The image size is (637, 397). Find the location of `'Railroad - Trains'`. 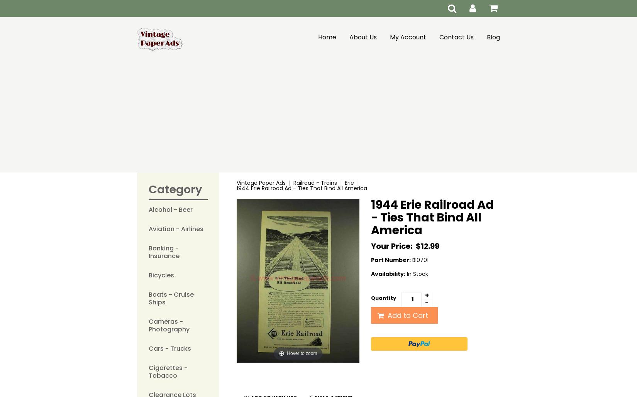

'Railroad - Trains' is located at coordinates (314, 182).